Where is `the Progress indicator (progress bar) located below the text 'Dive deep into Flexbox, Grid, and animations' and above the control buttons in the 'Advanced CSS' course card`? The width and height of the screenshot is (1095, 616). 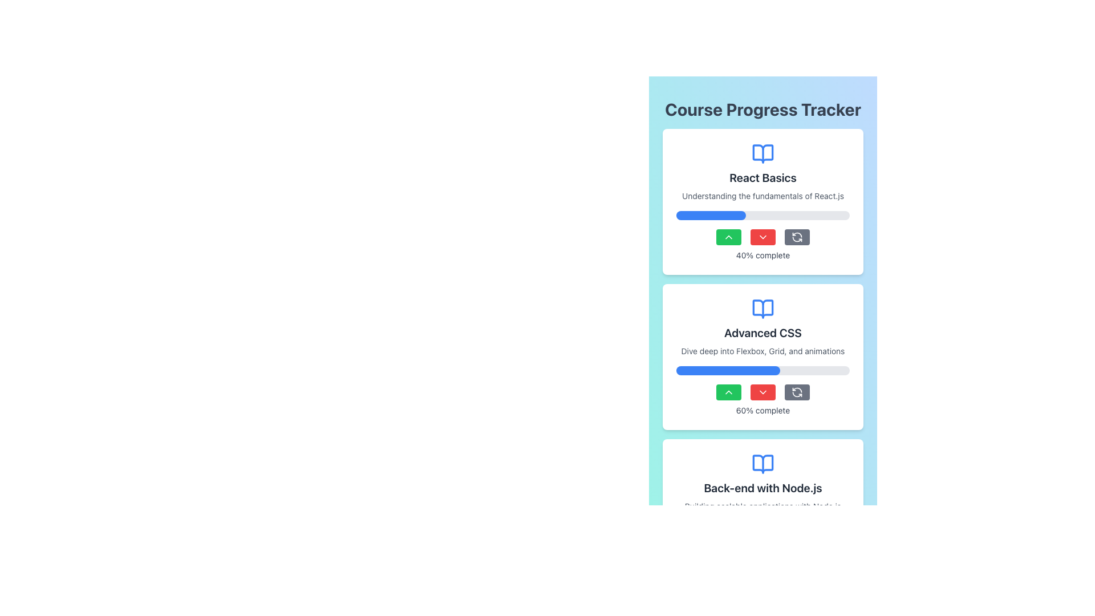 the Progress indicator (progress bar) located below the text 'Dive deep into Flexbox, Grid, and animations' and above the control buttons in the 'Advanced CSS' course card is located at coordinates (763, 371).